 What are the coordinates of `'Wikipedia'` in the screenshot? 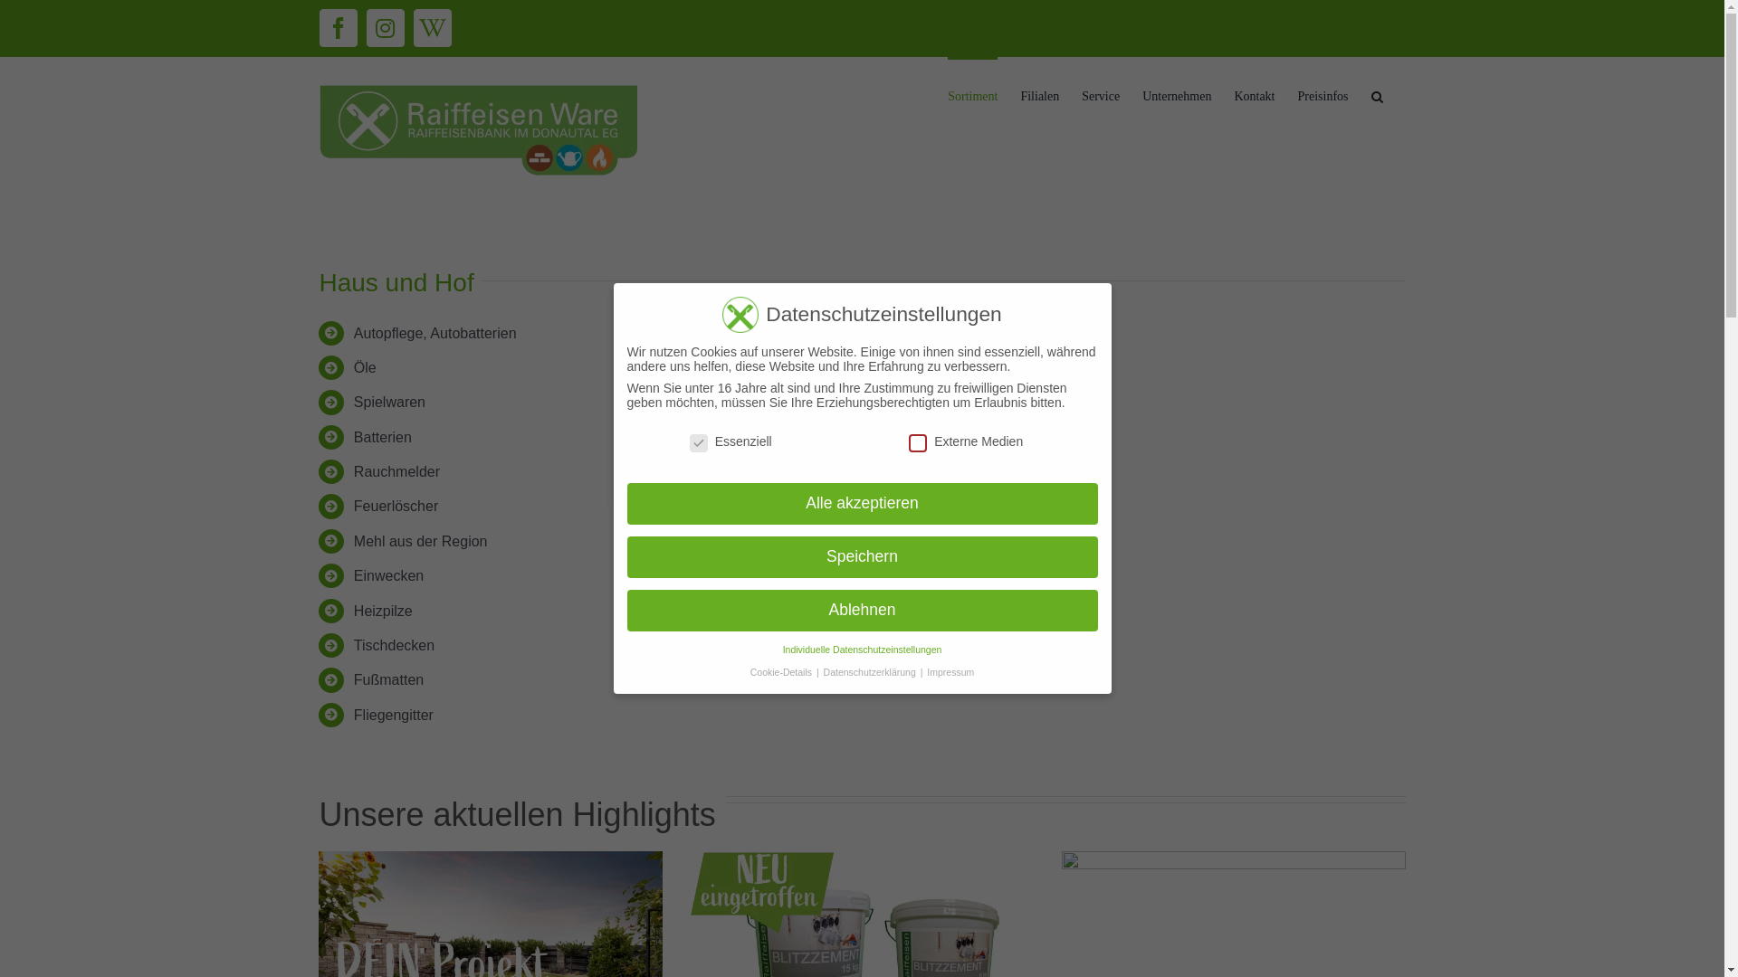 It's located at (430, 27).